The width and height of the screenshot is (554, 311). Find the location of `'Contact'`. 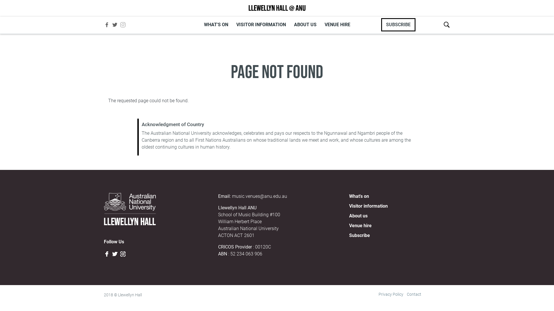

'Contact' is located at coordinates (407, 294).